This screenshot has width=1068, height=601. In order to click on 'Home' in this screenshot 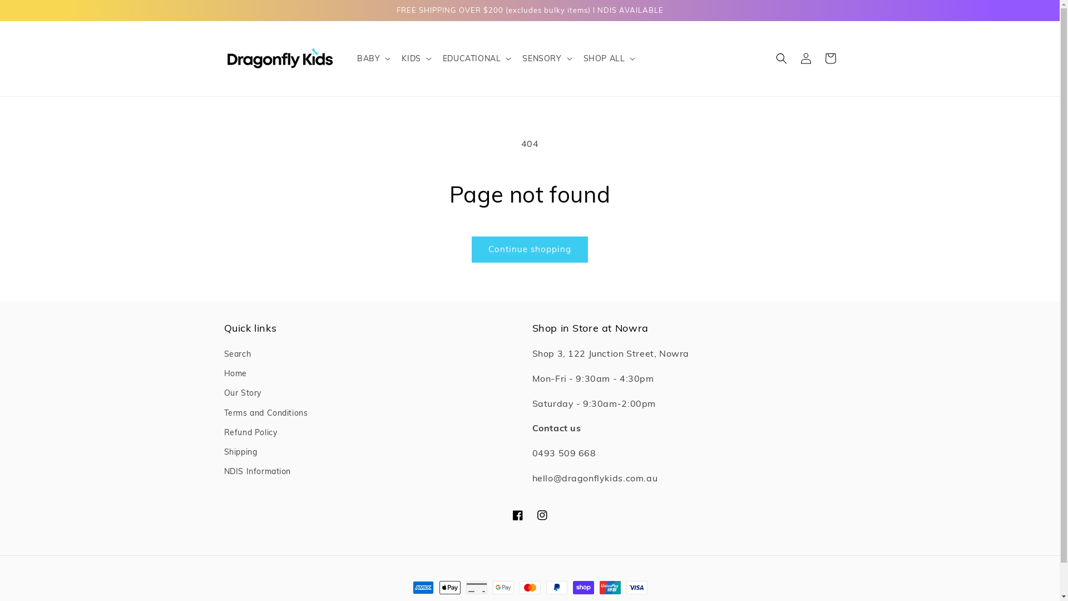, I will do `click(234, 373)`.